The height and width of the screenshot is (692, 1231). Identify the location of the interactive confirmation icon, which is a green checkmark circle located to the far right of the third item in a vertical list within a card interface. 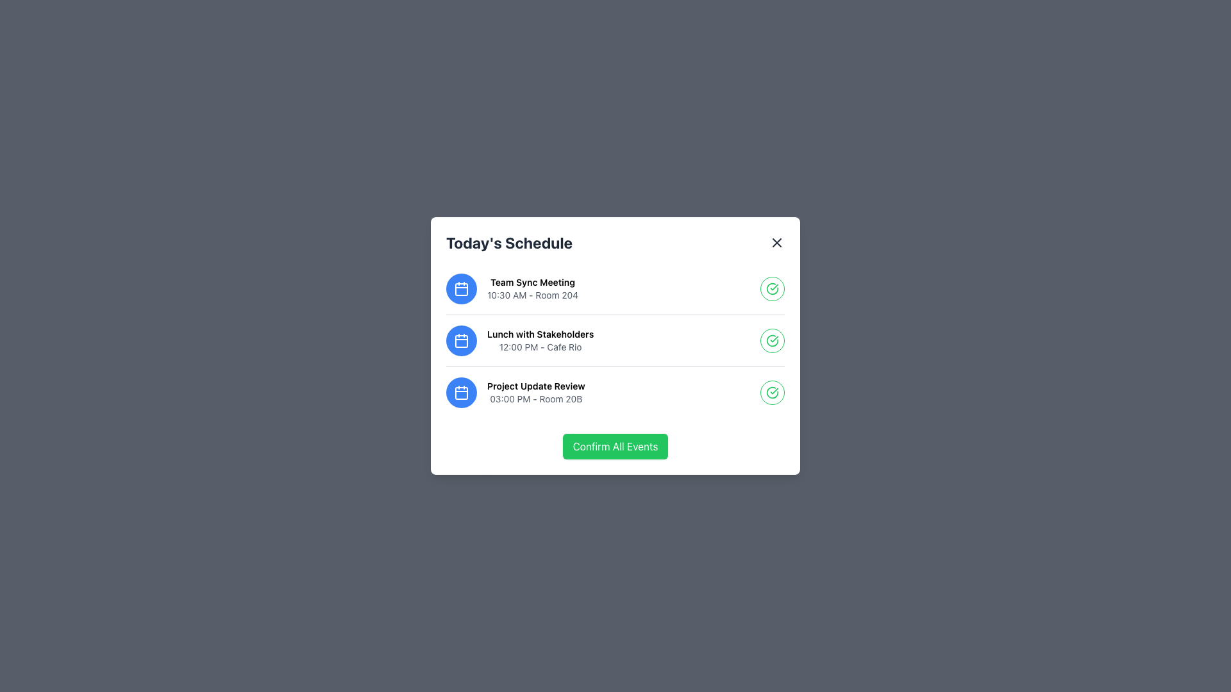
(771, 392).